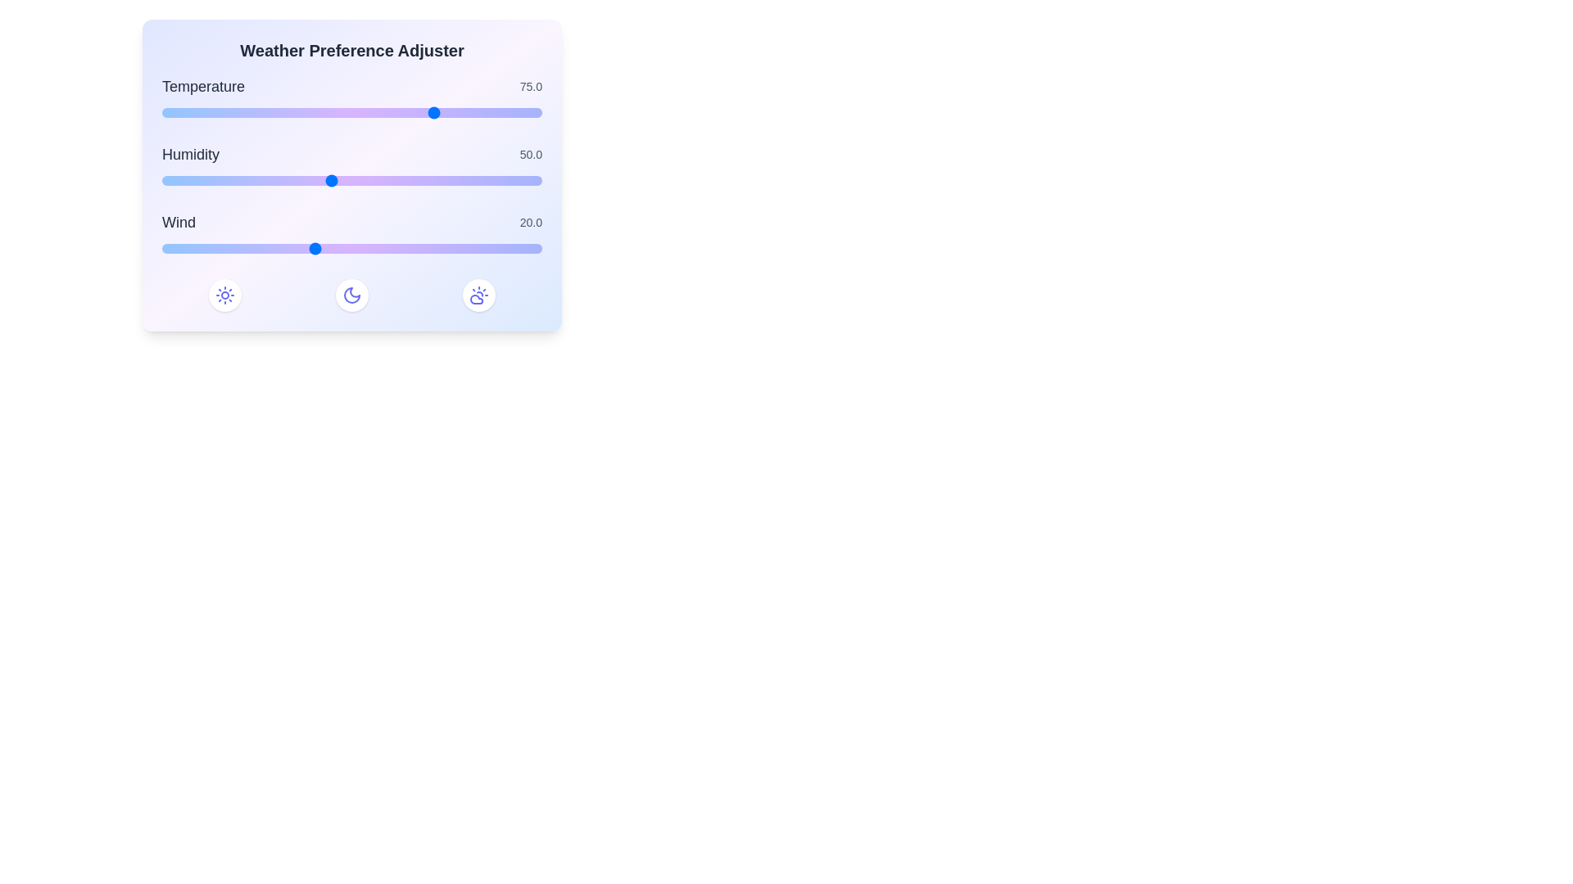 The width and height of the screenshot is (1573, 884). What do you see at coordinates (215, 249) in the screenshot?
I see `wind preference` at bounding box center [215, 249].